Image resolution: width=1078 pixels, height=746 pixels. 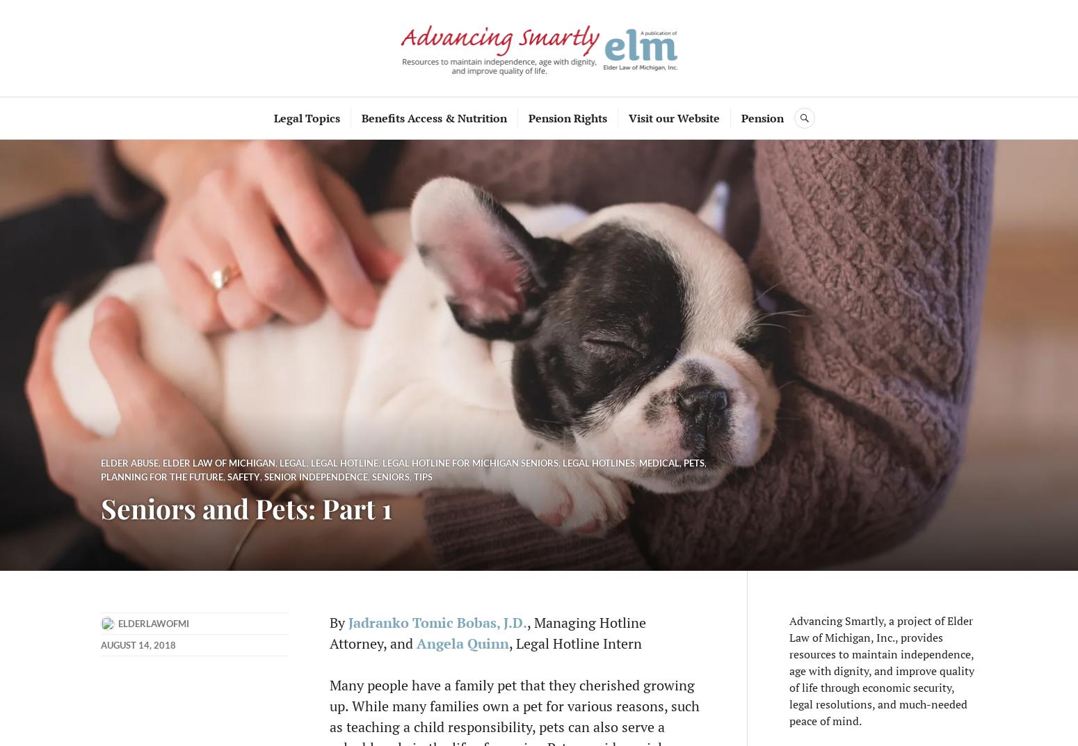 I want to click on 'Advancing Smartly, a project of Elder Law of Michigan, Inc., provides resources to maintain independence, age with dignity, and improve quality of life through economic security, legal resolutions, and much-needed peace of mind.', so click(x=881, y=670).